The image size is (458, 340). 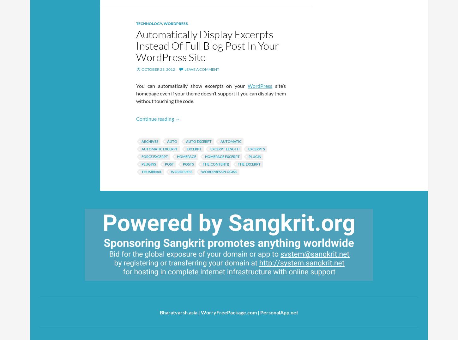 What do you see at coordinates (158, 69) in the screenshot?
I see `'October 23, 2012'` at bounding box center [158, 69].